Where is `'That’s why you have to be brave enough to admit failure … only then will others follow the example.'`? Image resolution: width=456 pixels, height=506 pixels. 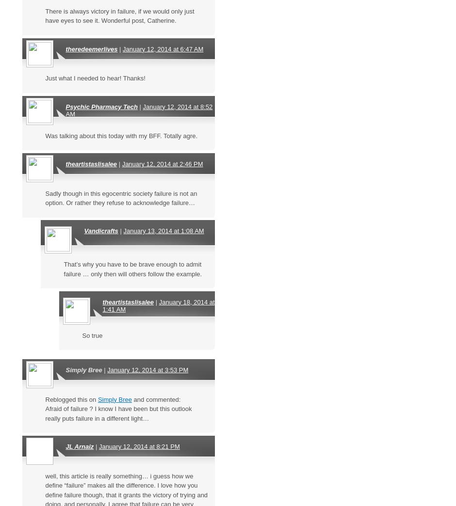 'That’s why you have to be brave enough to admit failure … only then will others follow the example.' is located at coordinates (132, 268).